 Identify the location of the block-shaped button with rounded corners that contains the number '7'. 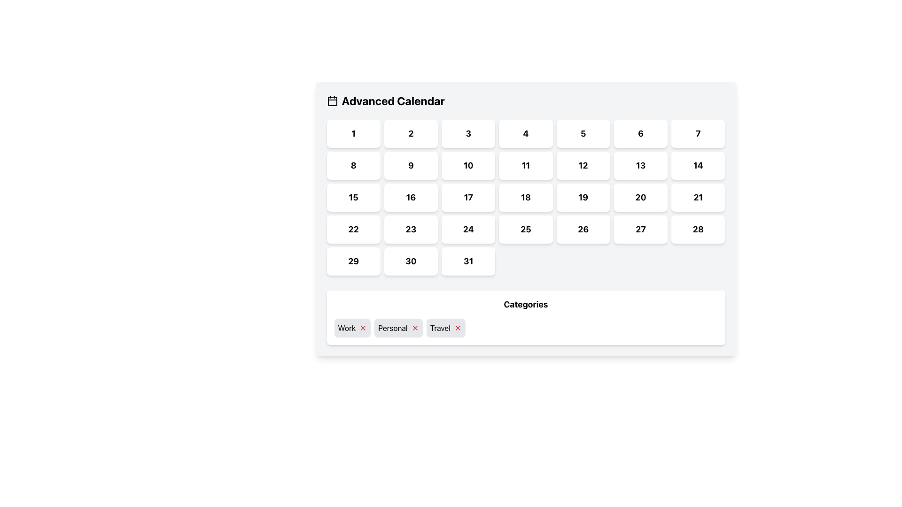
(698, 134).